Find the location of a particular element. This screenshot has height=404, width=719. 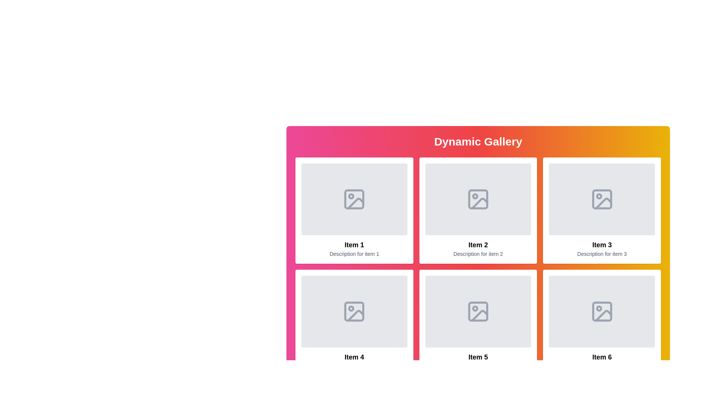

the placeholder icon located in the grid structure of the gallery under 'Item 4', positioned left and below the 'Dynamic Gallery' header is located at coordinates (354, 312).